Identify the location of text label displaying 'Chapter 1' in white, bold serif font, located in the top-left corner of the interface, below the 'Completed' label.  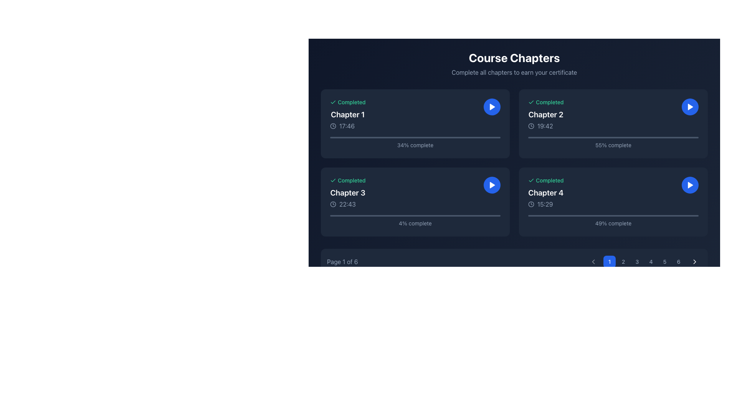
(347, 115).